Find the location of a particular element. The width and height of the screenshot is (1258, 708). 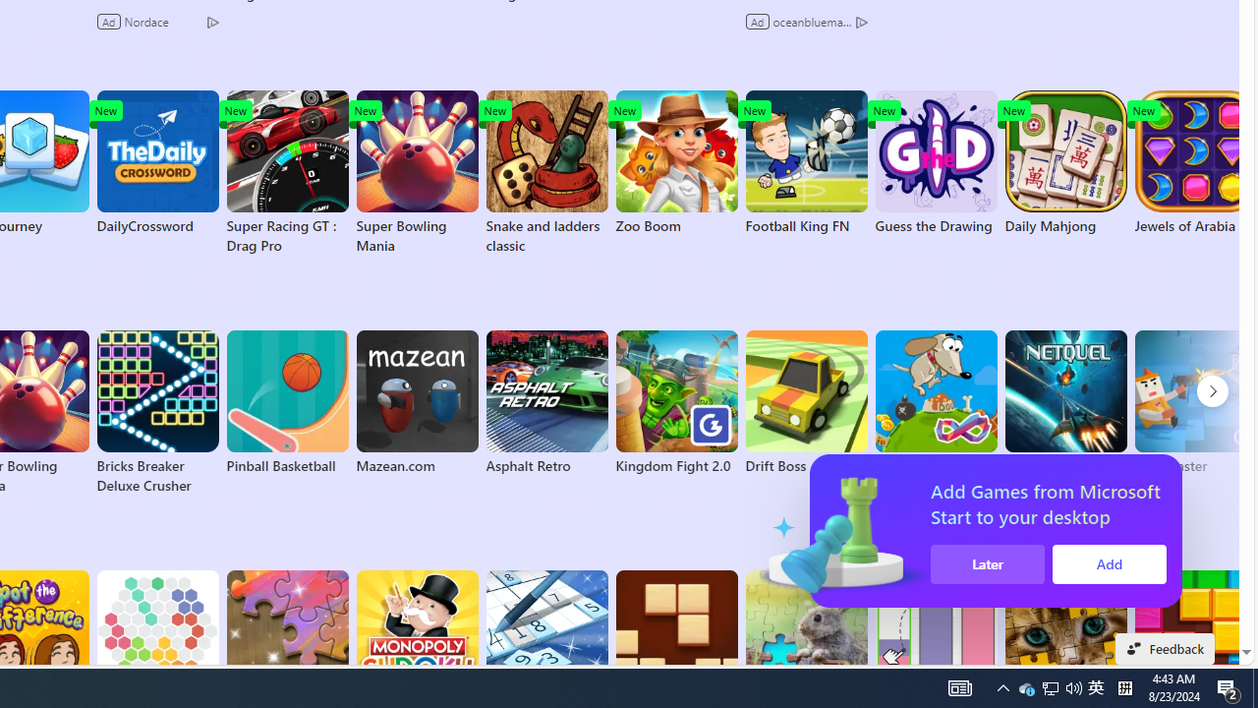

'Drift Boss' is located at coordinates (806, 402).